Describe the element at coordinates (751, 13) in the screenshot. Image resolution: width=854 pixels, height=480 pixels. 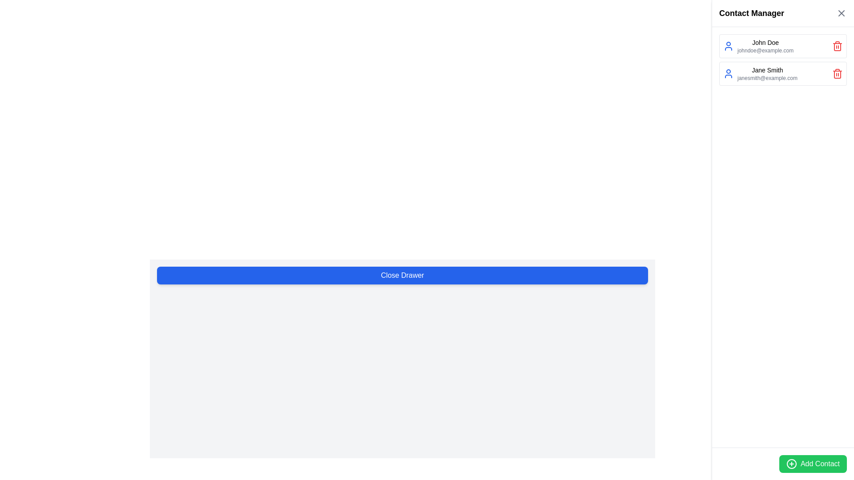
I see `the Text heading that serves as a section title for managing contacts, located in the top section of a right-aligned panel` at that location.